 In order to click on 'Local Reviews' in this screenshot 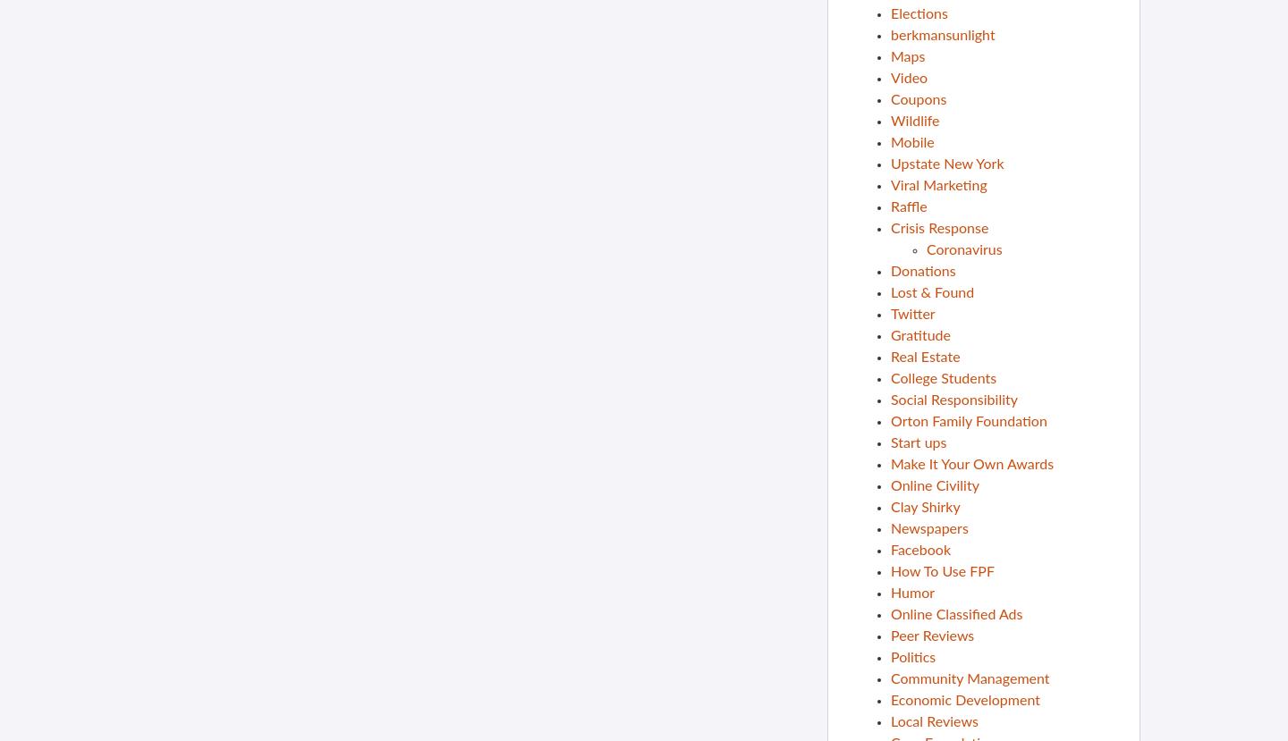, I will do `click(890, 720)`.